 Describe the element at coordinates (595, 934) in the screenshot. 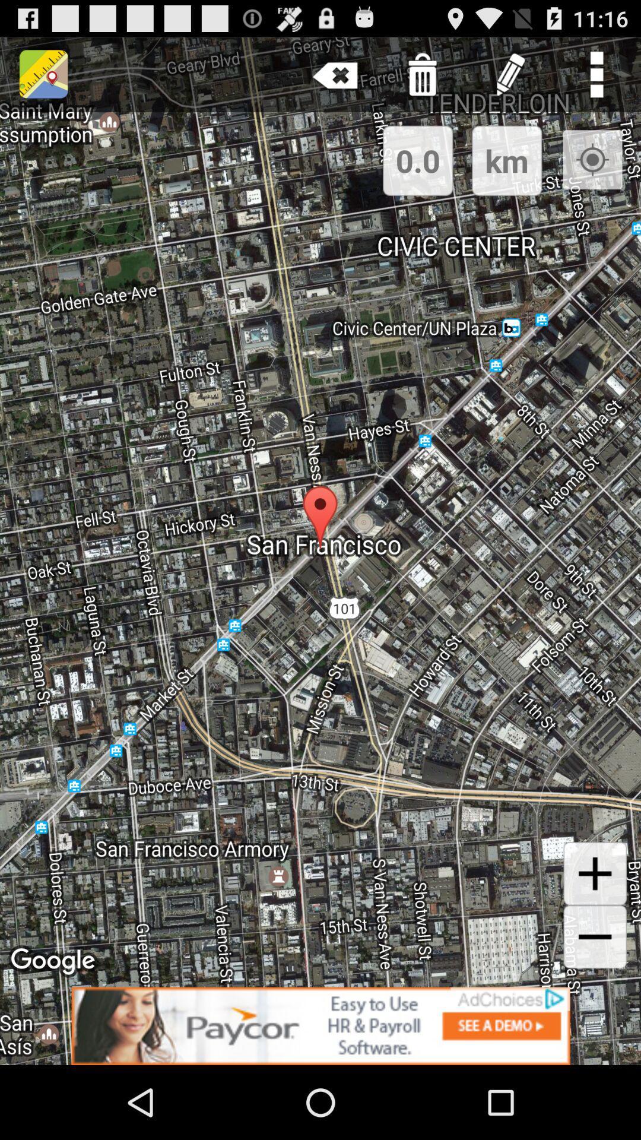

I see `the add icon` at that location.